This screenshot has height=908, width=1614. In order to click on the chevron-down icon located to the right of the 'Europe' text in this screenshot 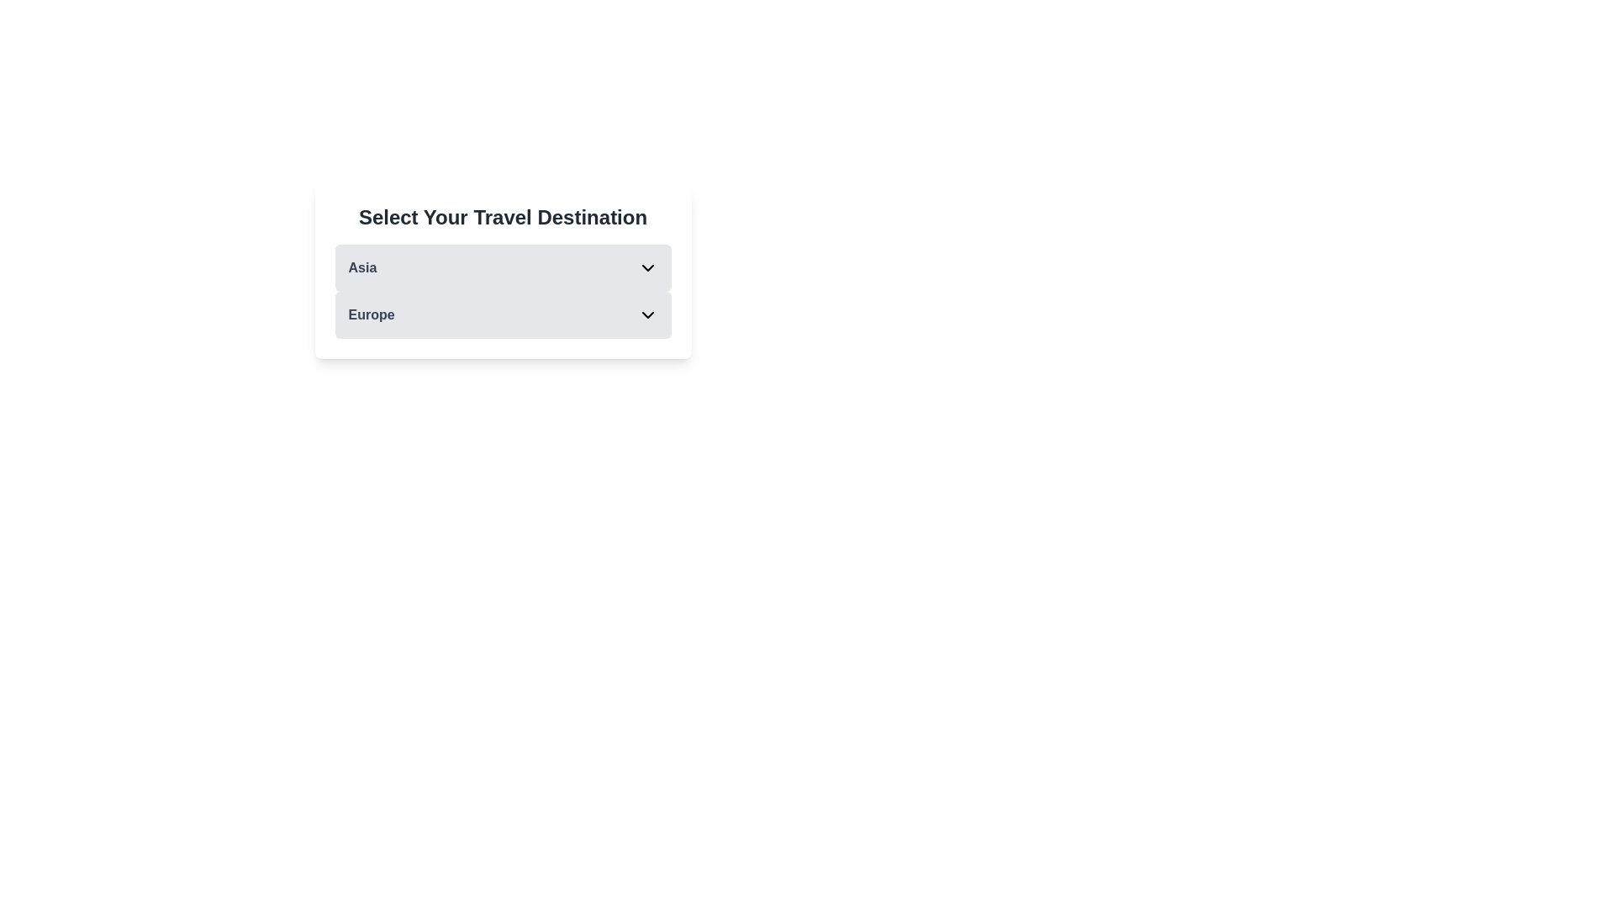, I will do `click(646, 314)`.